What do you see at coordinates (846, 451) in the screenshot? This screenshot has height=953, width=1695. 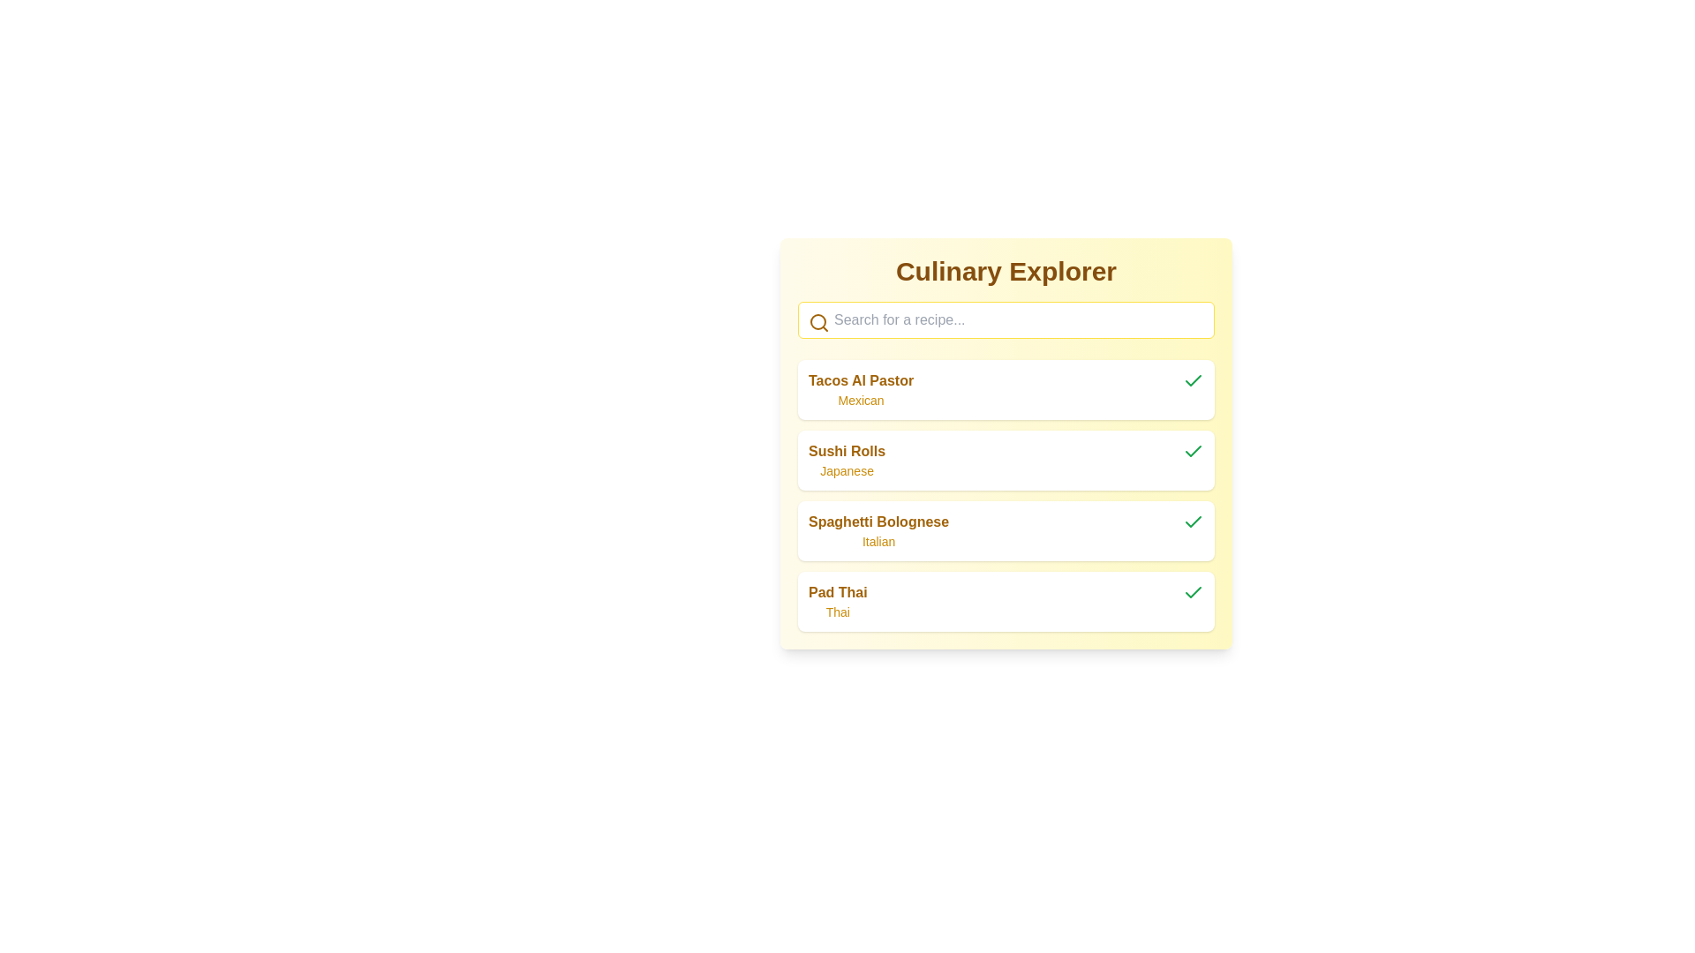 I see `the text label displaying 'Sushi Rolls' in bold font, which is visually prominent against a light background, located above the 'Japanese' text element` at bounding box center [846, 451].